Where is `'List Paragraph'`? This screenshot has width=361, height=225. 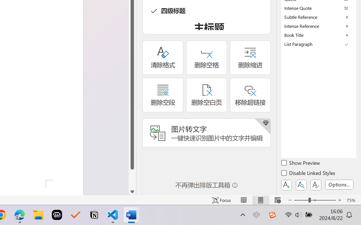
'List Paragraph' is located at coordinates (319, 44).